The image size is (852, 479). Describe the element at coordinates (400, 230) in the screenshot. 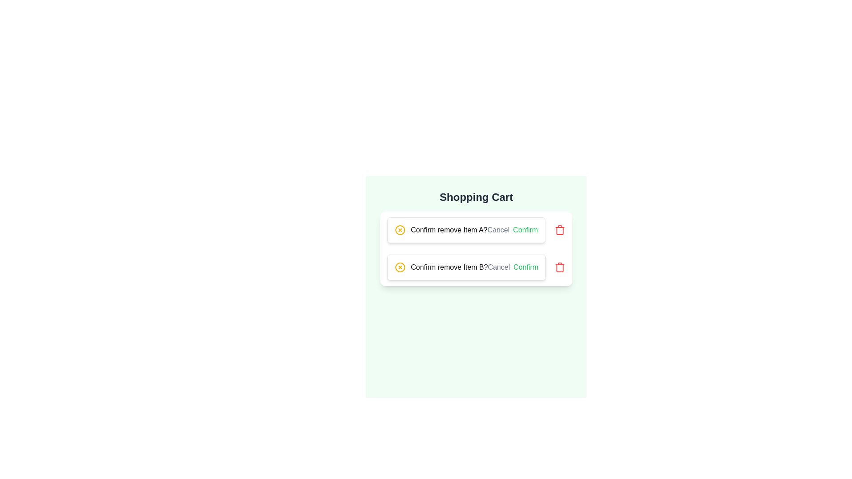

I see `the circular icon with a yellow border and a red cross inside, located on the left side of the dialog box containing the text 'Confirm remove Item A?'` at that location.